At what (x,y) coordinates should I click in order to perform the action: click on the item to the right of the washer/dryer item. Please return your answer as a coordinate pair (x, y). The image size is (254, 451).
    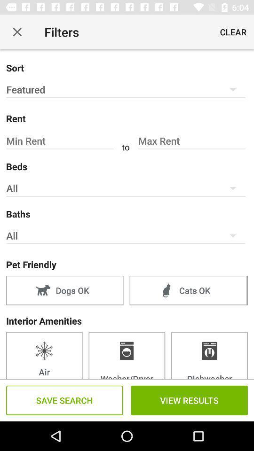
    Looking at the image, I should click on (209, 355).